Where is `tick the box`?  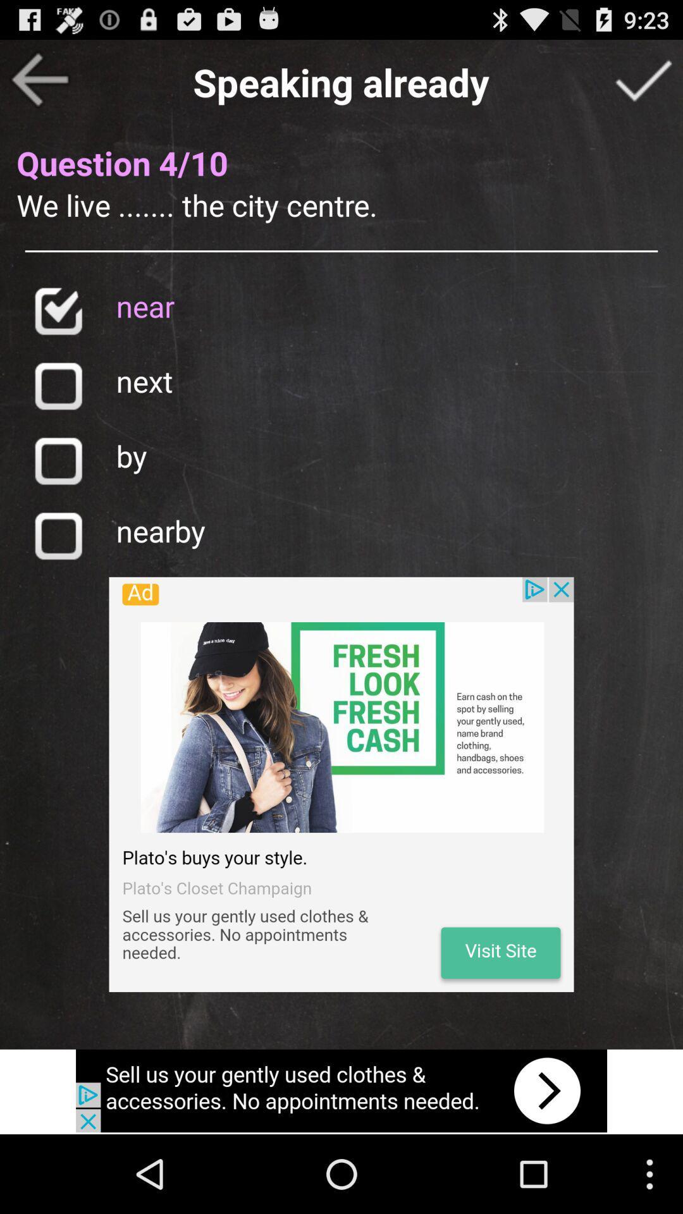 tick the box is located at coordinates (643, 78).